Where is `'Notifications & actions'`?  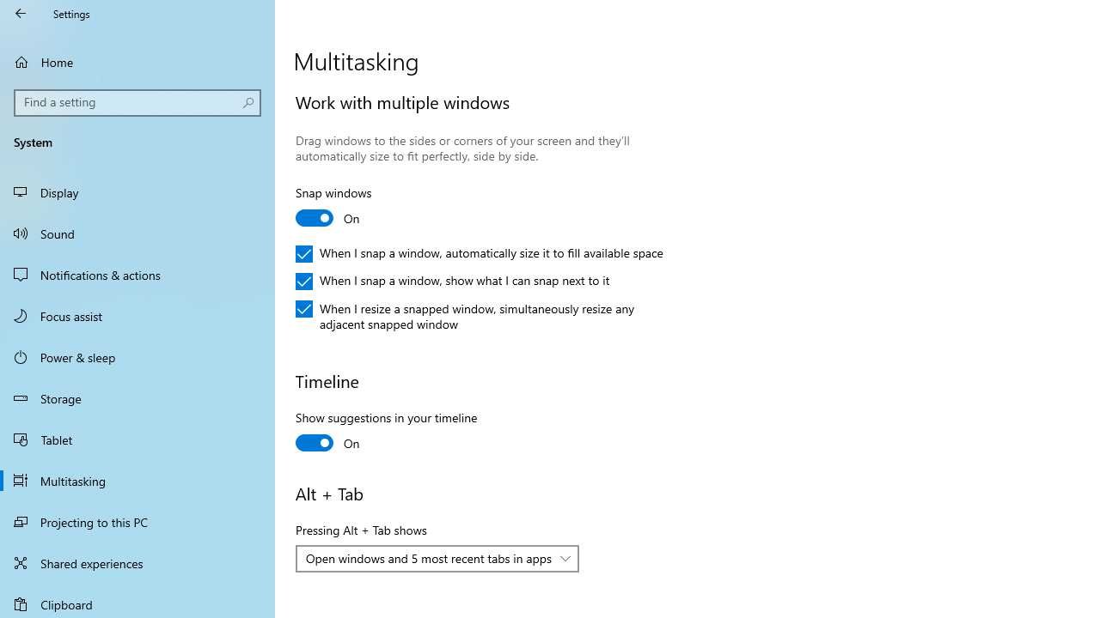 'Notifications & actions' is located at coordinates (137, 274).